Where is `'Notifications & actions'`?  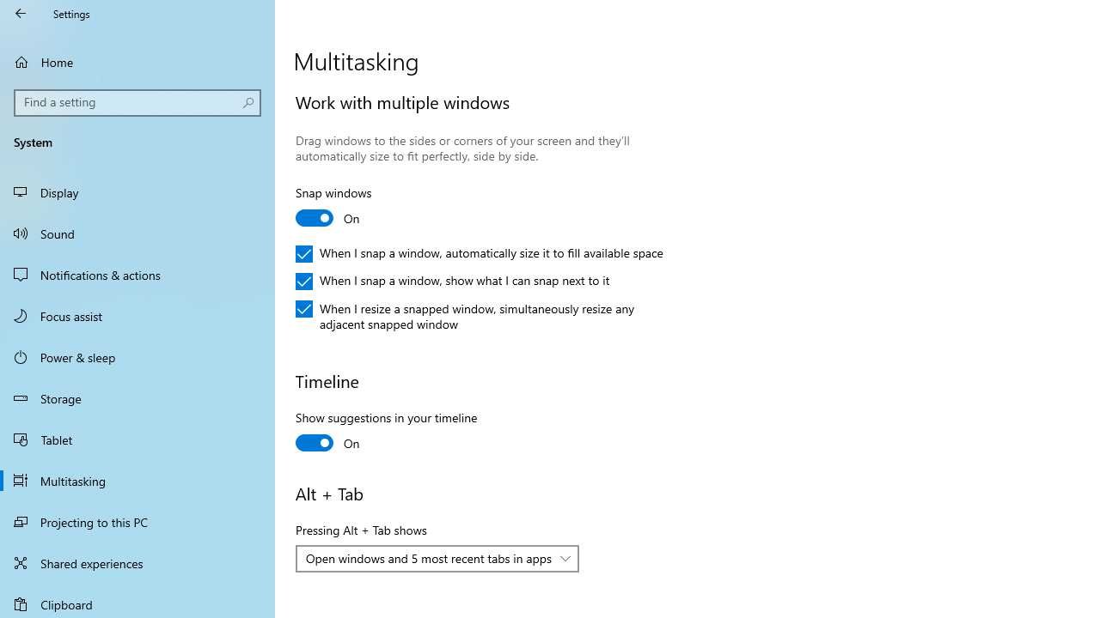 'Notifications & actions' is located at coordinates (137, 274).